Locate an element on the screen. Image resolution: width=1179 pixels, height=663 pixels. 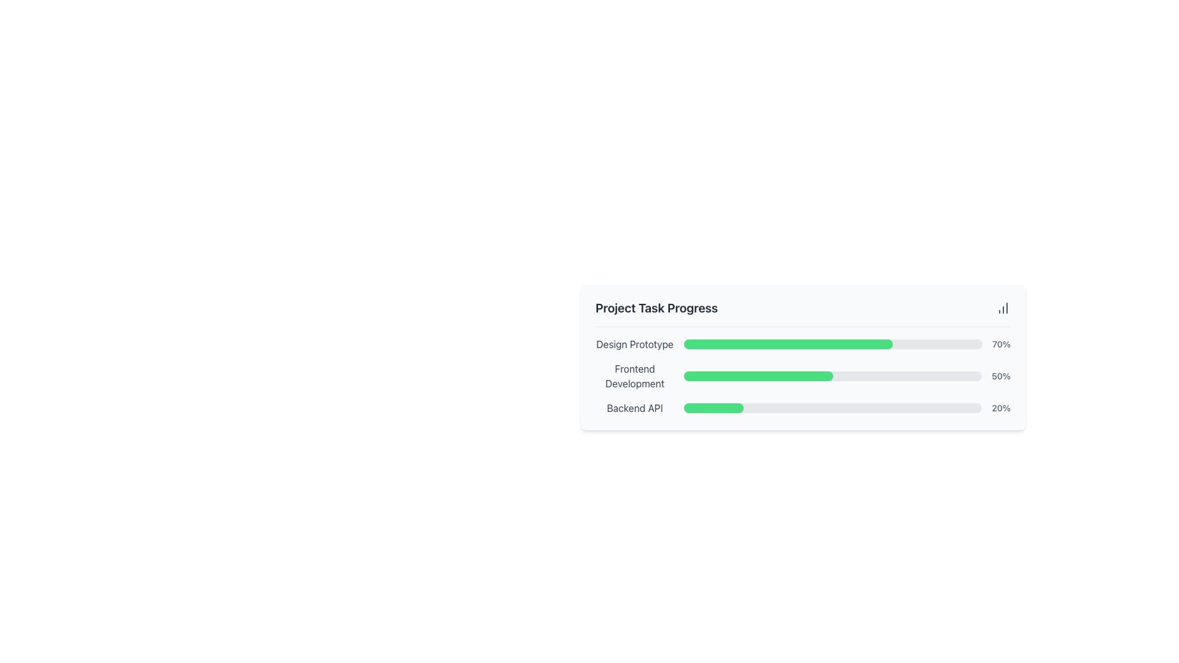
the green rectangular progress bar that is filled to 50%, located between the first progress bar labeled 'Design Prototype' and the third bar labeled 'Backend API' is located at coordinates (758, 376).